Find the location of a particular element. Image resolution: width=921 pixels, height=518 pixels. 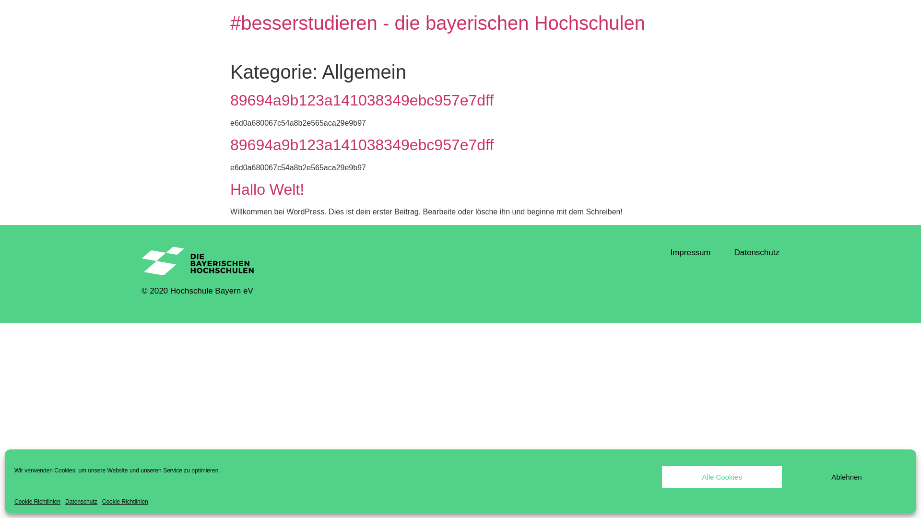

'Alle Cookies' is located at coordinates (722, 477).